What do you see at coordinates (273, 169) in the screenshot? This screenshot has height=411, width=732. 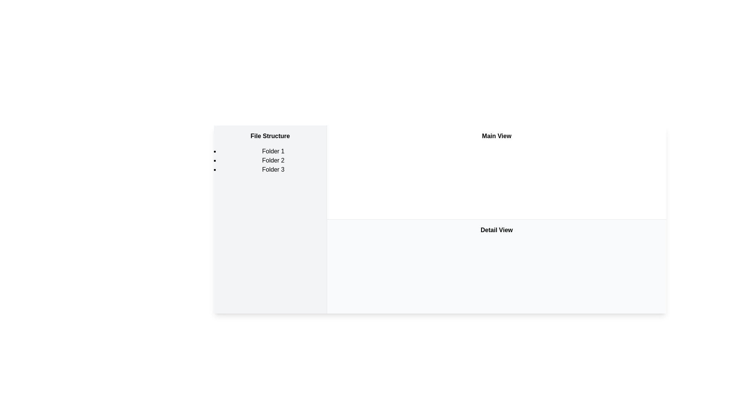 I see `text element displaying 'Folder 3', which is the third item in the vertical bulleted list under the title 'File Structure'` at bounding box center [273, 169].